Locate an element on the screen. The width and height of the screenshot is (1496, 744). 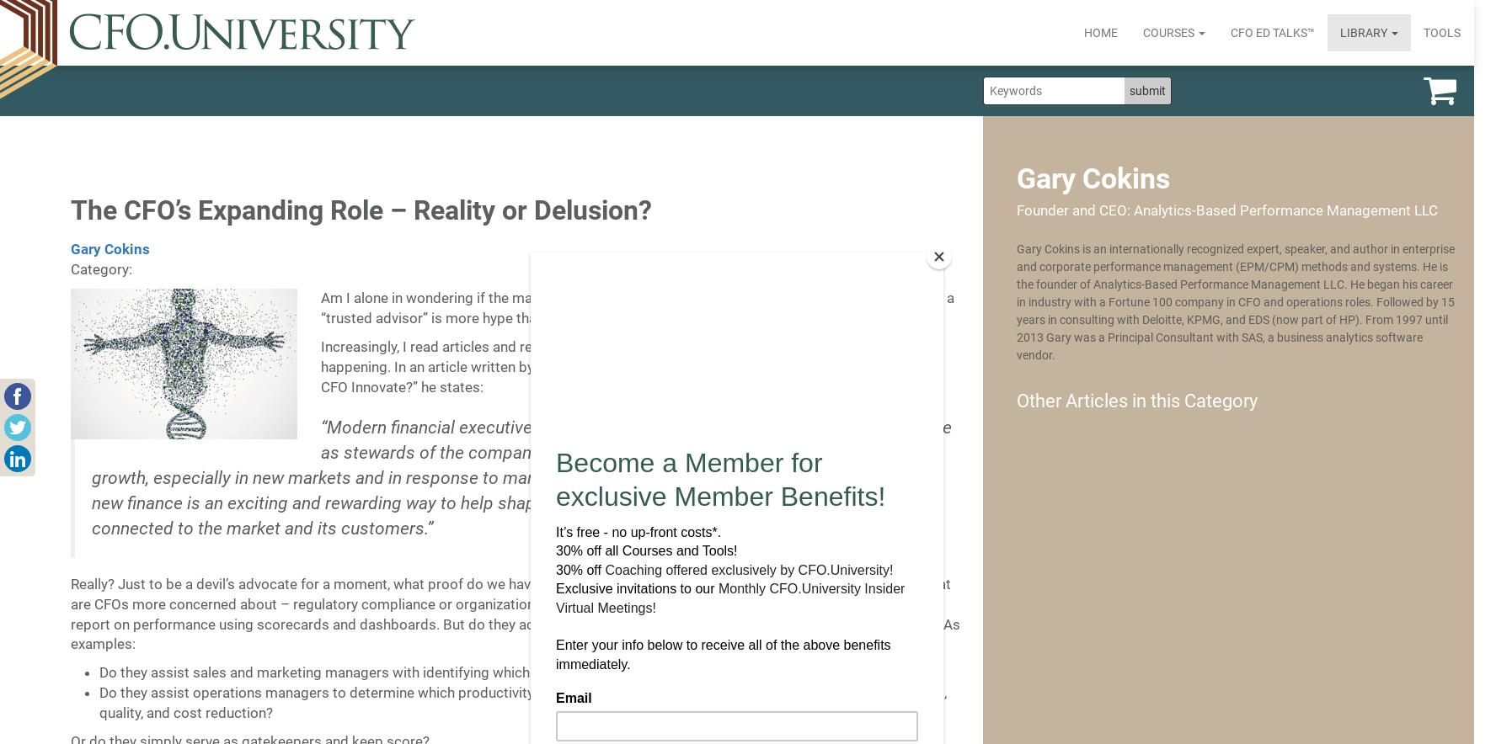
'Do they assist sales and marketing managers with identifying which types of customers to retain, grow, win back, and acquire?' is located at coordinates (499, 671).